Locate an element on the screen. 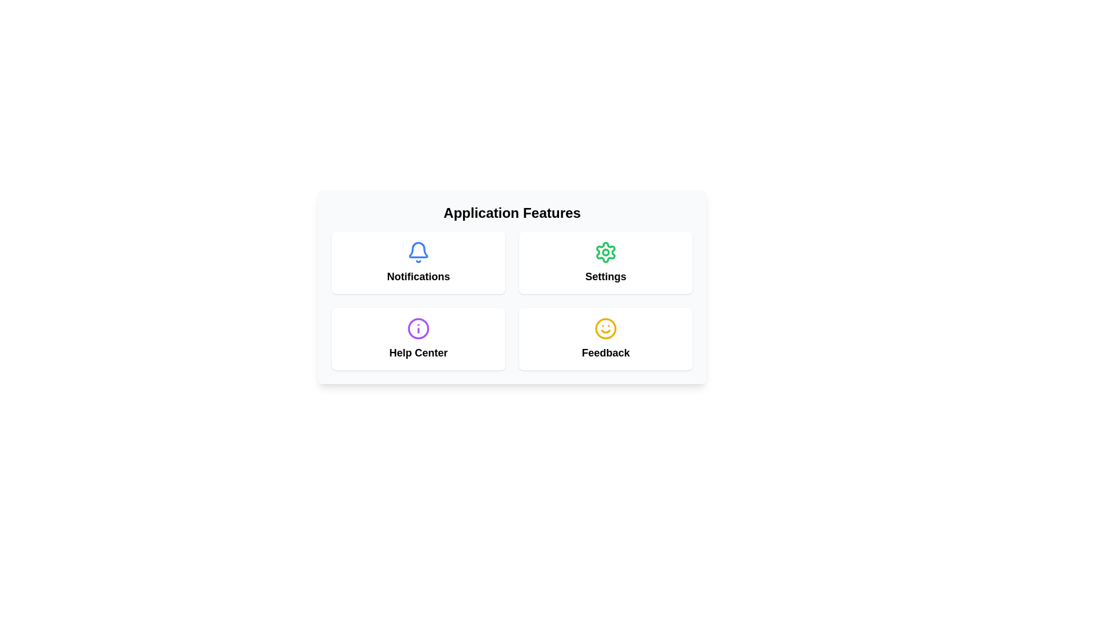 Image resolution: width=1110 pixels, height=624 pixels. the circular purple outlined icon with a small 'i' symbol in its center, located in the second row, first column of the grid under the 'Help Center' label is located at coordinates (418, 329).